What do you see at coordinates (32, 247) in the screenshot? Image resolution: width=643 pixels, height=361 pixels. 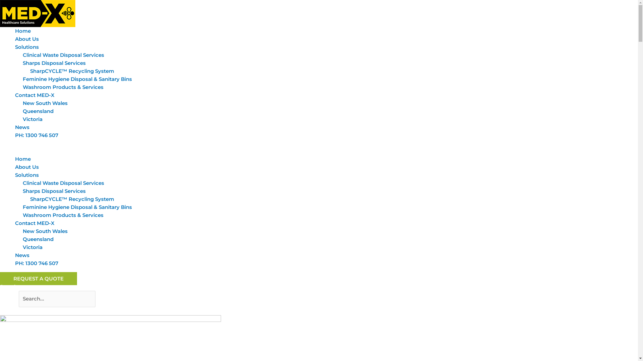 I see `'Victoria'` at bounding box center [32, 247].